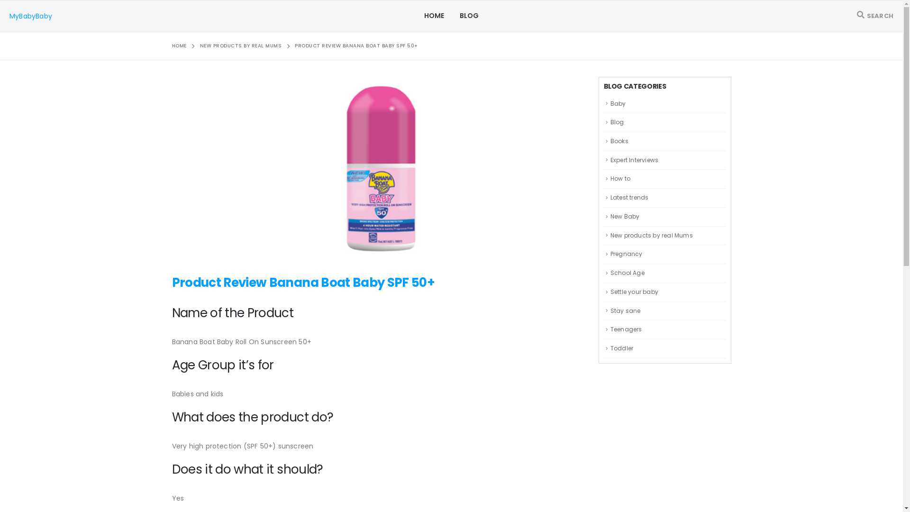 Image resolution: width=910 pixels, height=512 pixels. I want to click on 'School Age', so click(628, 273).